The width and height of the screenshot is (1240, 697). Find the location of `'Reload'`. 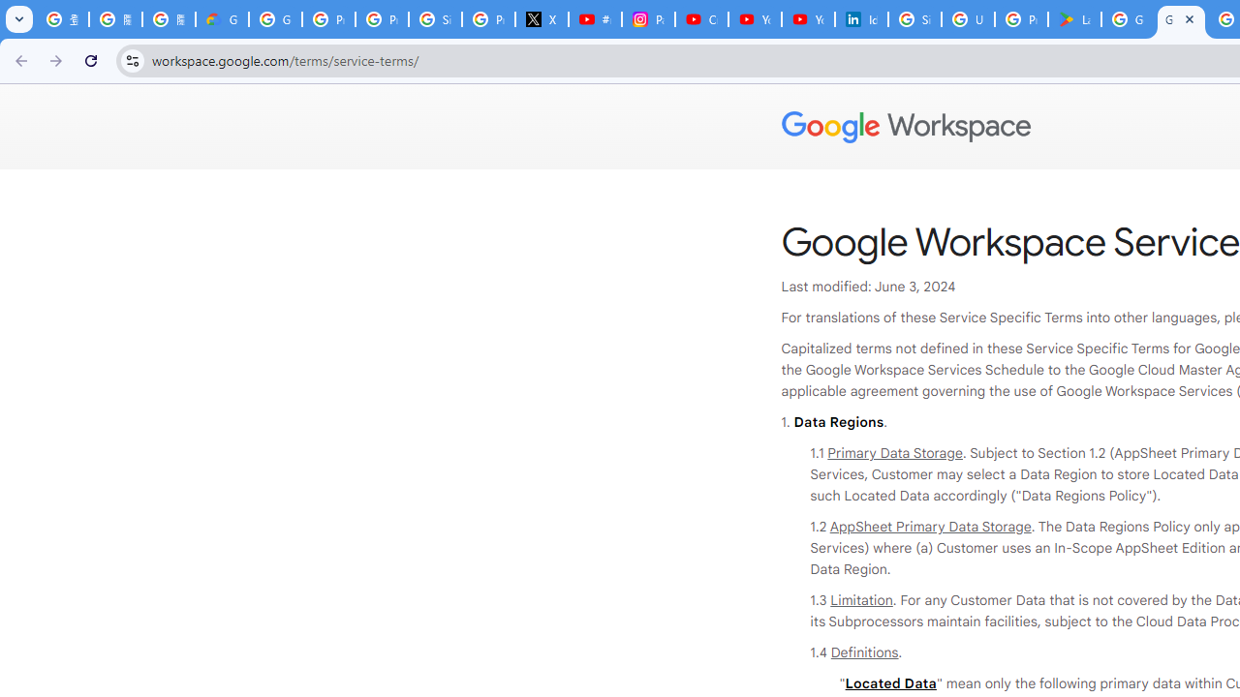

'Reload' is located at coordinates (90, 59).